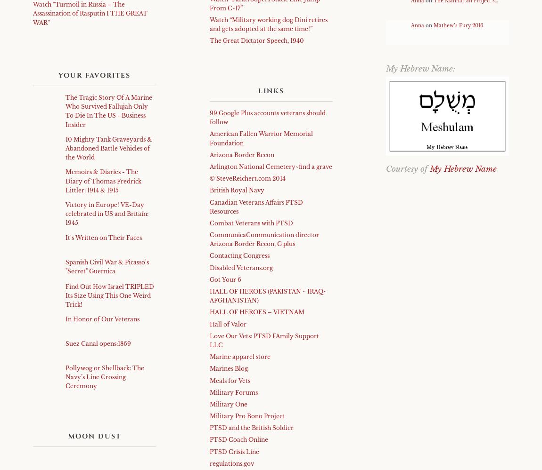 The width and height of the screenshot is (542, 470). What do you see at coordinates (209, 311) in the screenshot?
I see `'HALL OF HEROES – VIETNAM'` at bounding box center [209, 311].